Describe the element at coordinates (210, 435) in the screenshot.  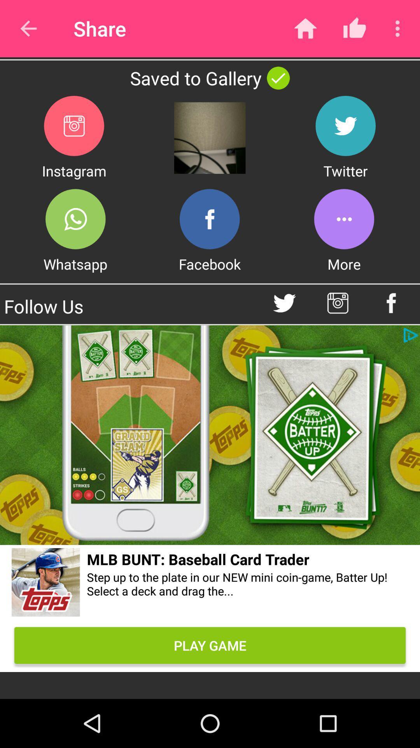
I see `page` at that location.